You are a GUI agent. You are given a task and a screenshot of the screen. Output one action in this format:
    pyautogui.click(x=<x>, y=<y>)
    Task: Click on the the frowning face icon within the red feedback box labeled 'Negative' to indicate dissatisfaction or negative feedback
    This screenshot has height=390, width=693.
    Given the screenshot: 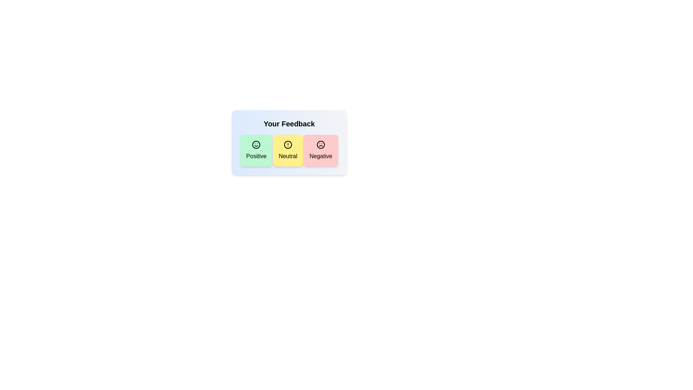 What is the action you would take?
    pyautogui.click(x=320, y=145)
    